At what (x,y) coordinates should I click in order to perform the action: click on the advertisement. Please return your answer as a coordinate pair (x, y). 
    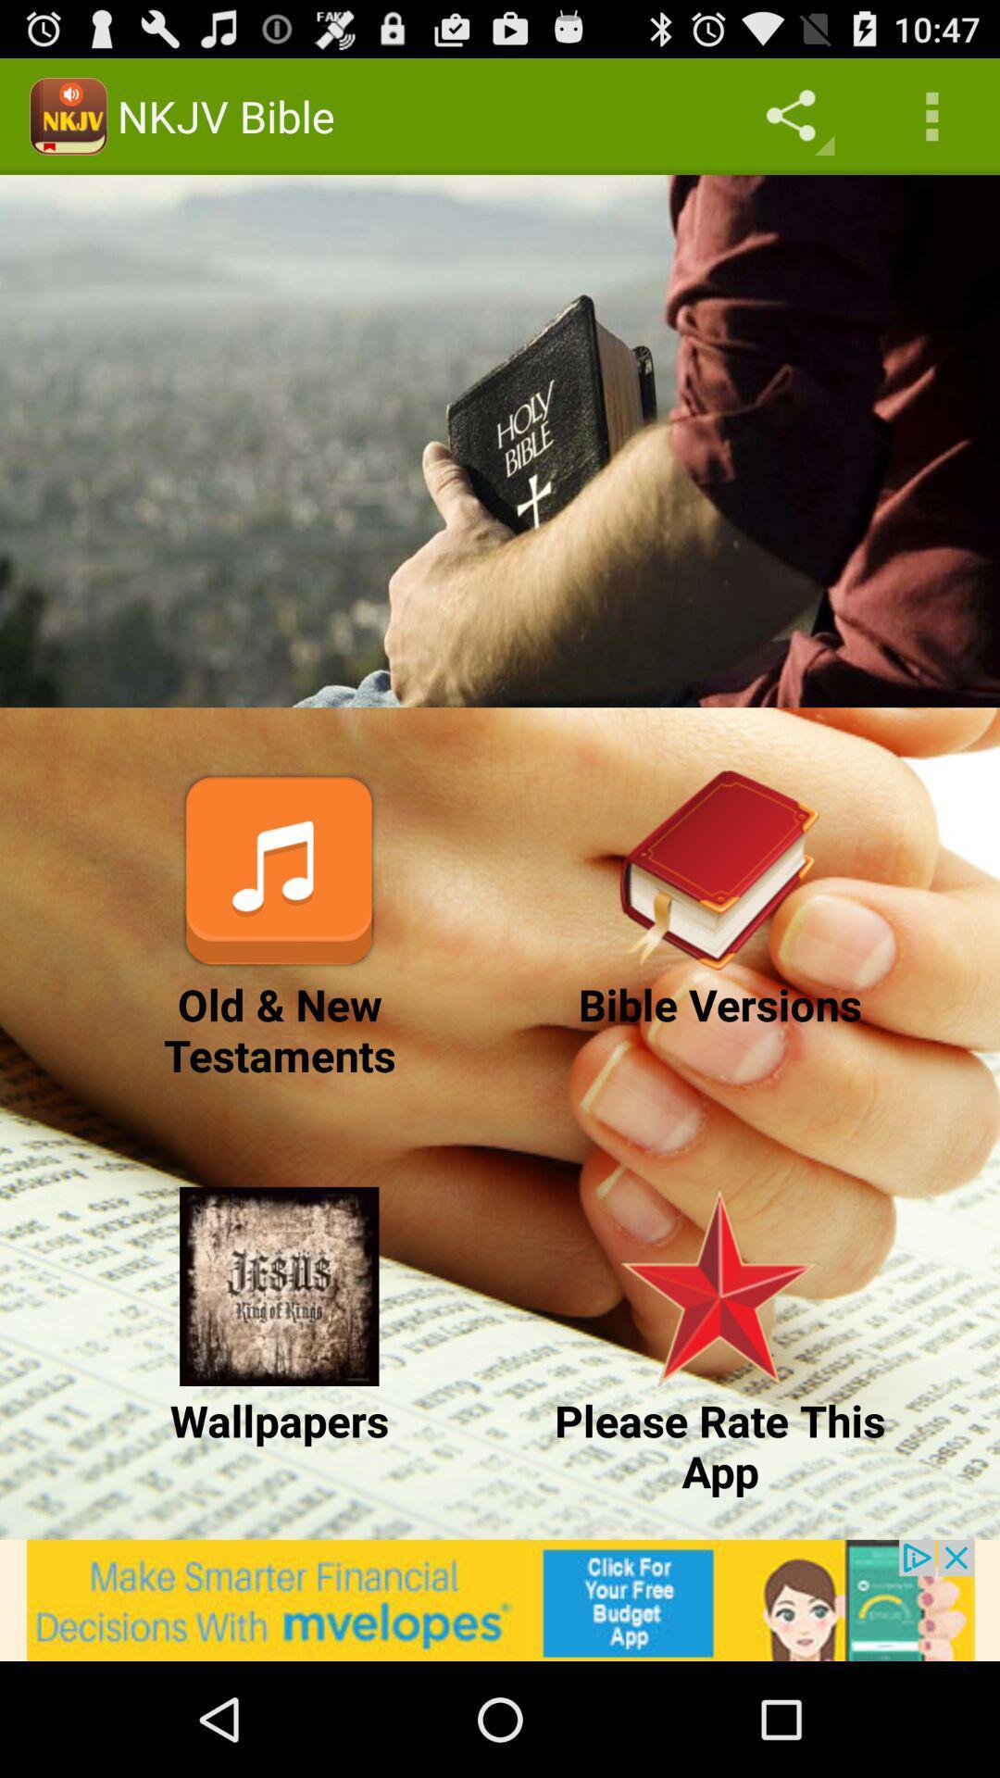
    Looking at the image, I should click on (500, 1599).